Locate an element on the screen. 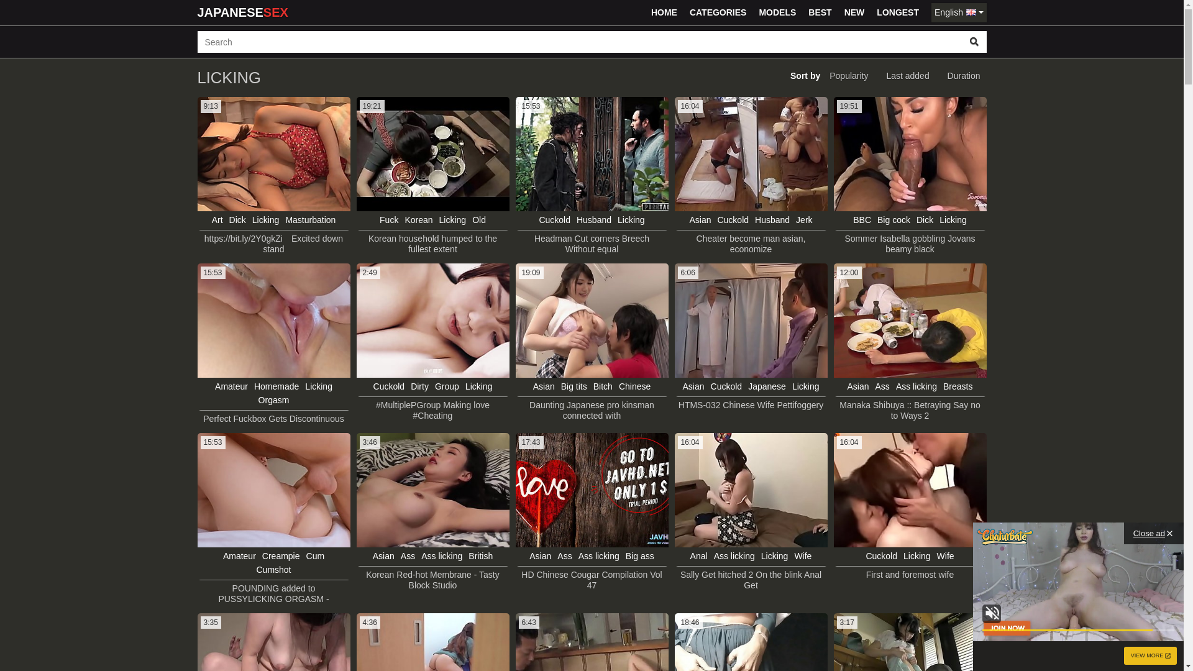  'Cheater become man asian, economize' is located at coordinates (750, 244).